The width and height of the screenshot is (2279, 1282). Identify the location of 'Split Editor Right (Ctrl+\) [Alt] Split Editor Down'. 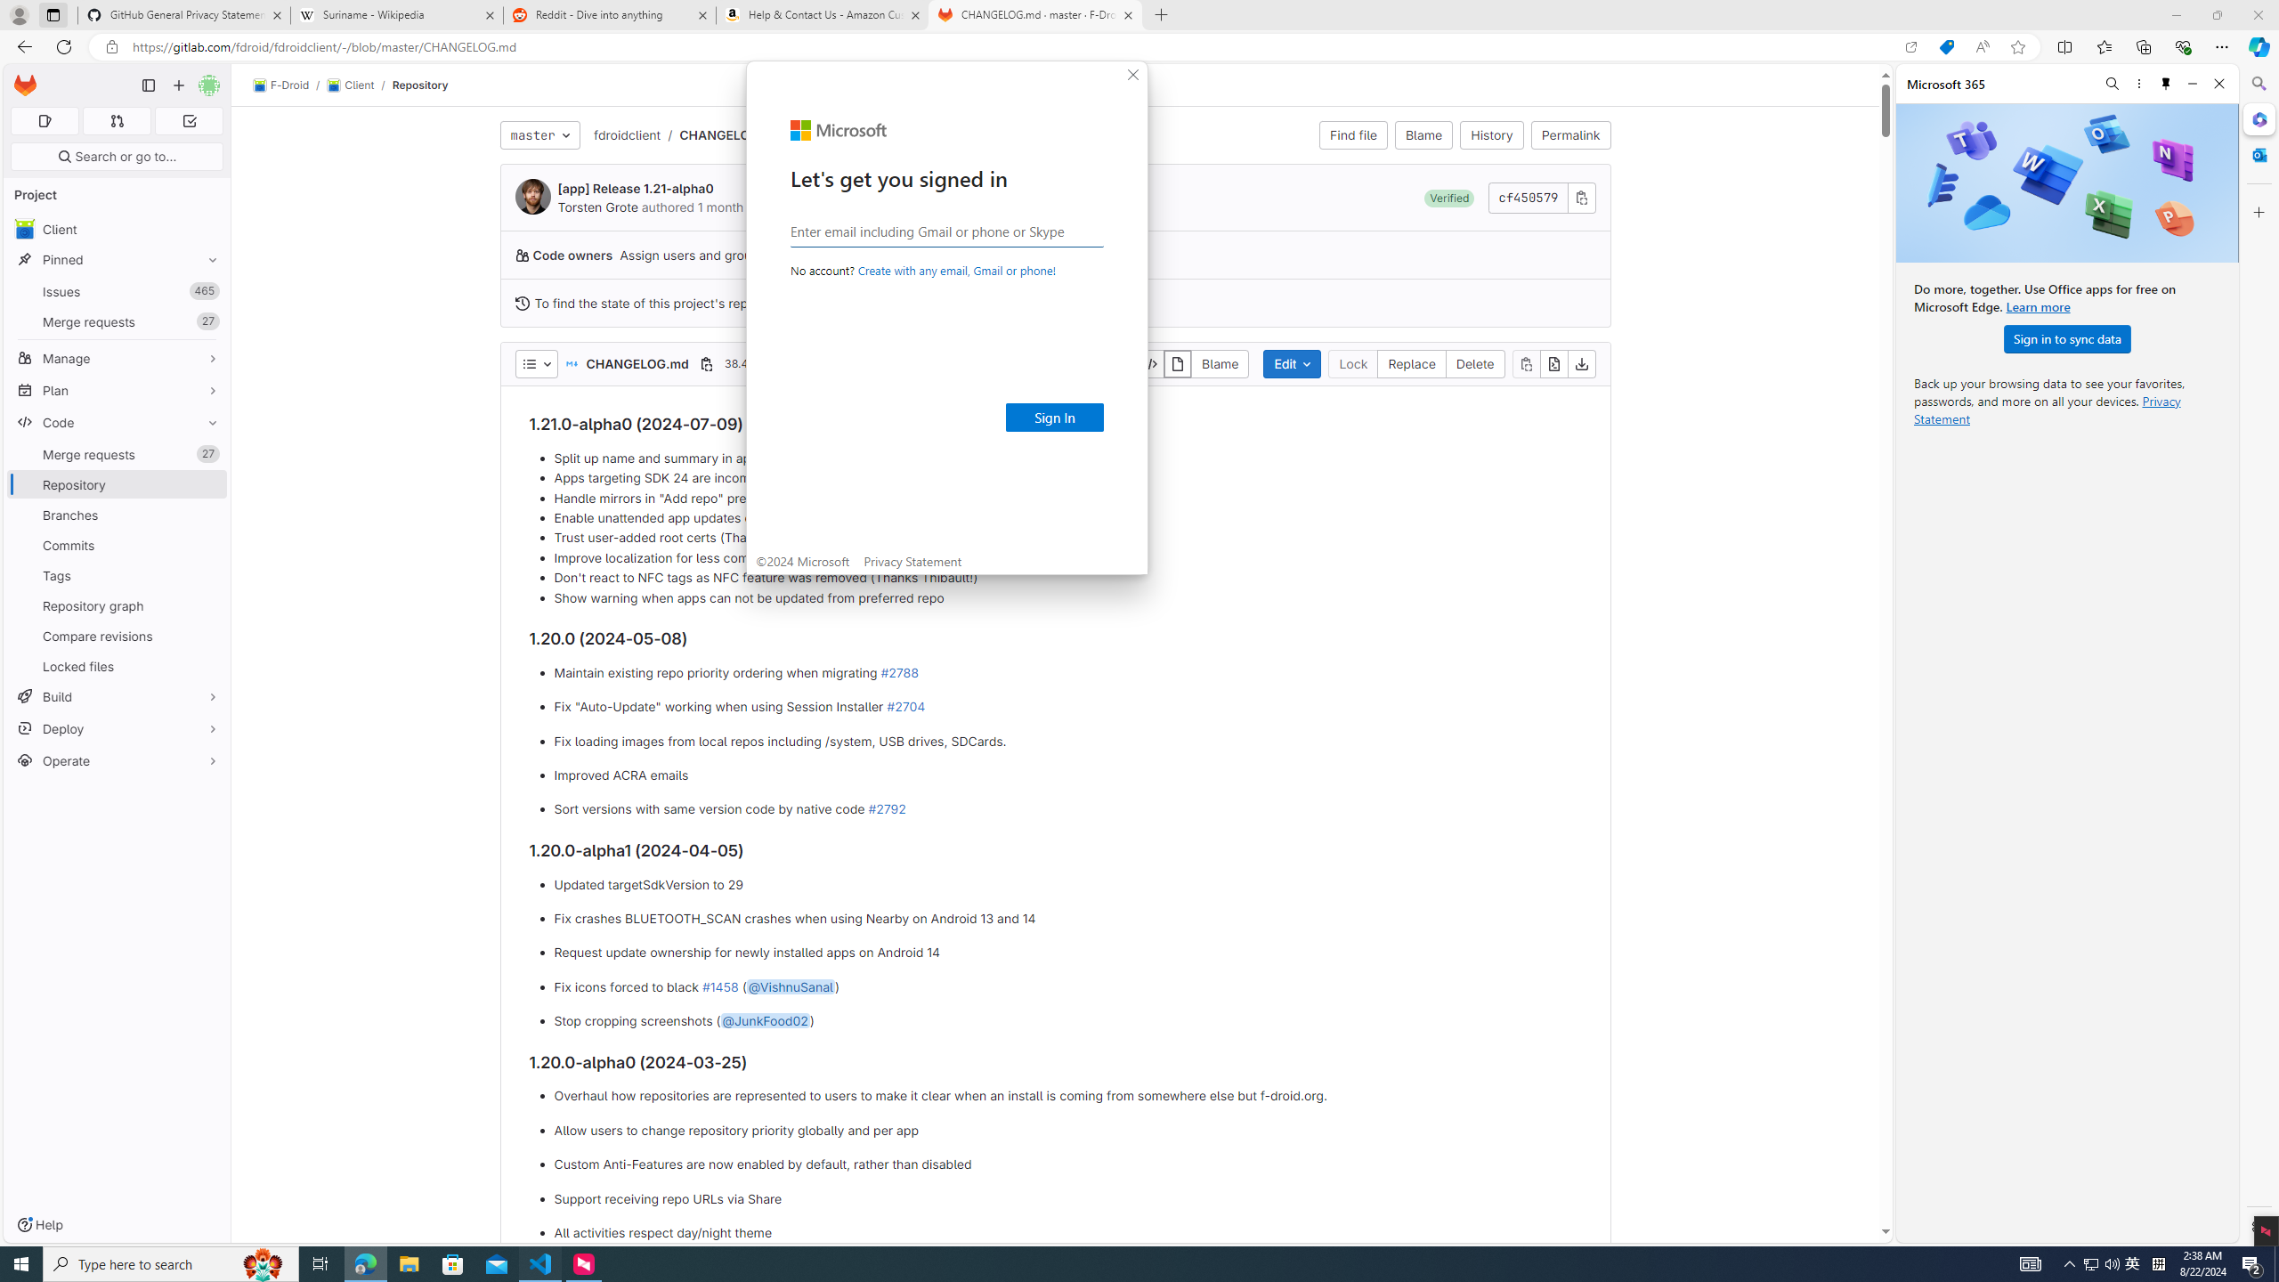
(2235, 45).